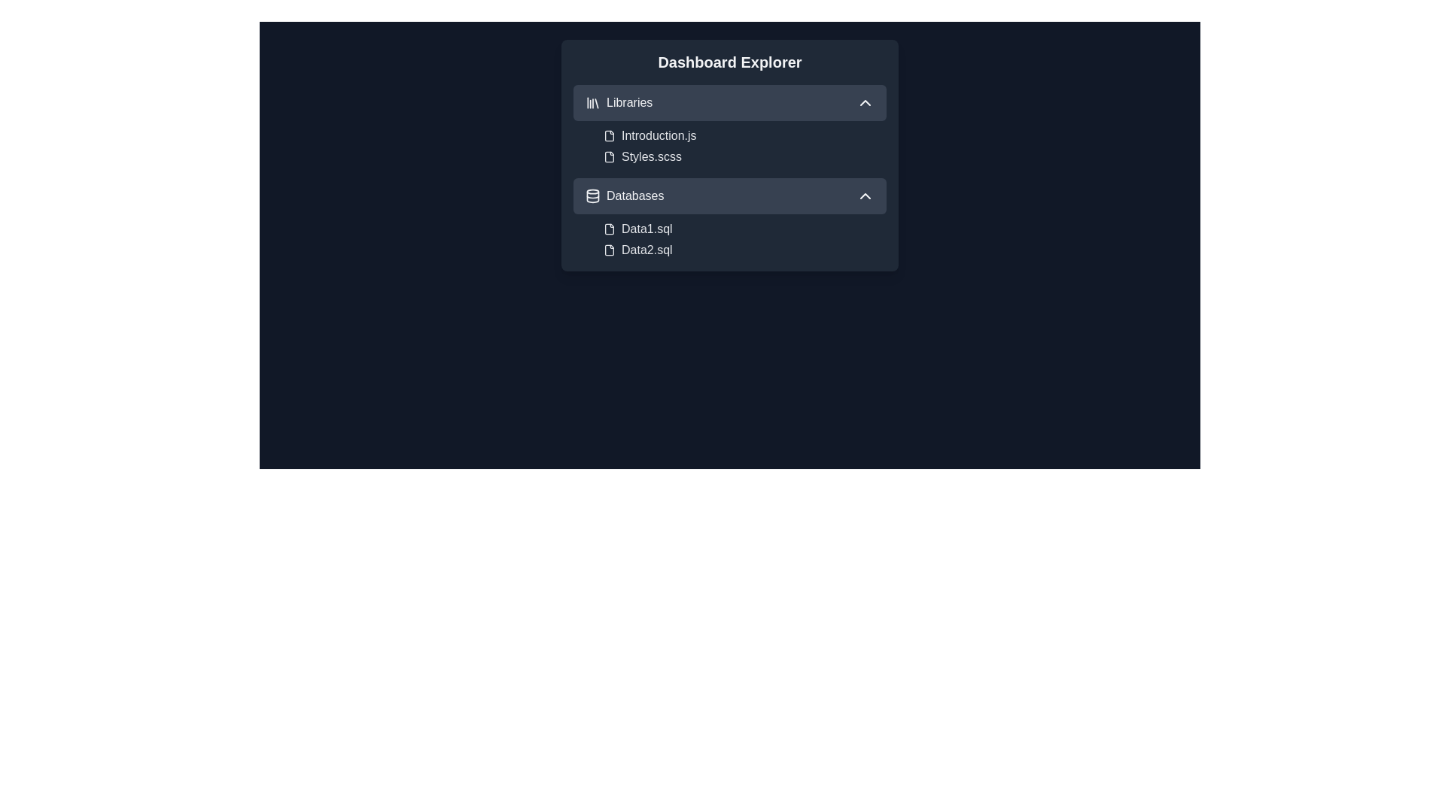  Describe the element at coordinates (595, 102) in the screenshot. I see `the rightmost vertical bar of the 'library' icon, which is located above the 'Libraries' label in the dashboard explorer` at that location.